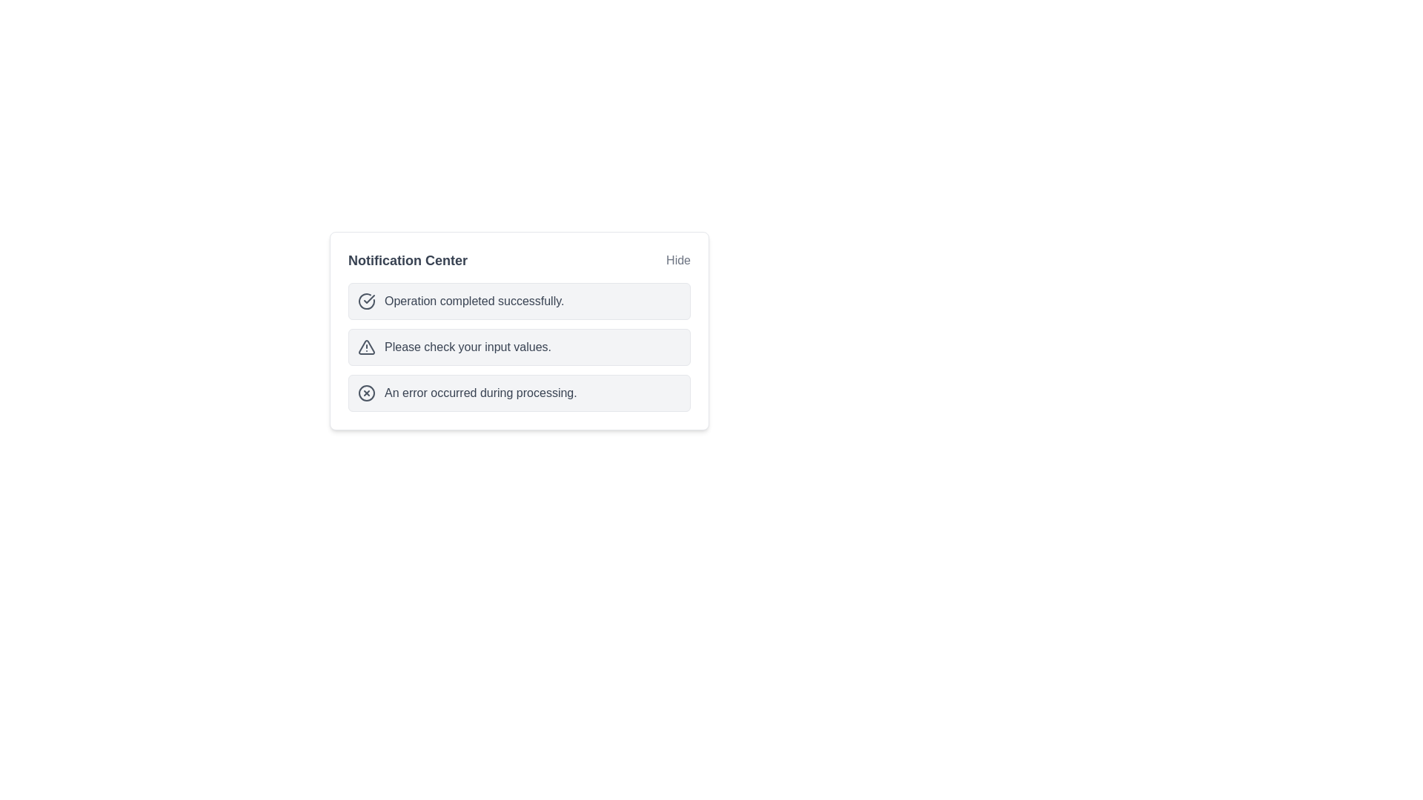  What do you see at coordinates (369, 299) in the screenshot?
I see `the check mark icon within a circular SVG icon that indicates 'Operation completed successfully.'` at bounding box center [369, 299].